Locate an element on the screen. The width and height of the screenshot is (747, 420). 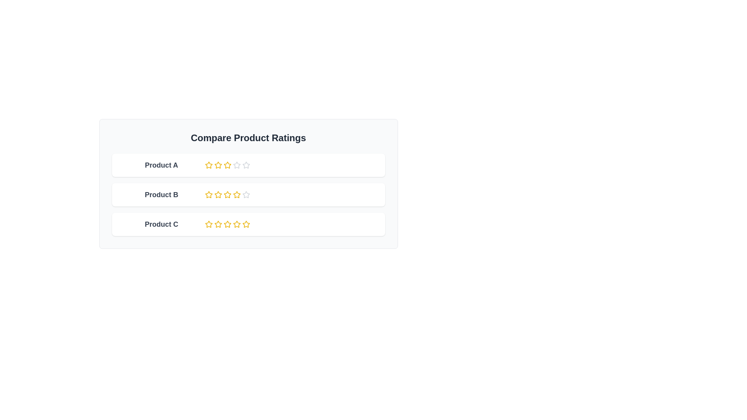
the third yellow star icon in the five-star rating widget for 'Product C' is located at coordinates (218, 224).